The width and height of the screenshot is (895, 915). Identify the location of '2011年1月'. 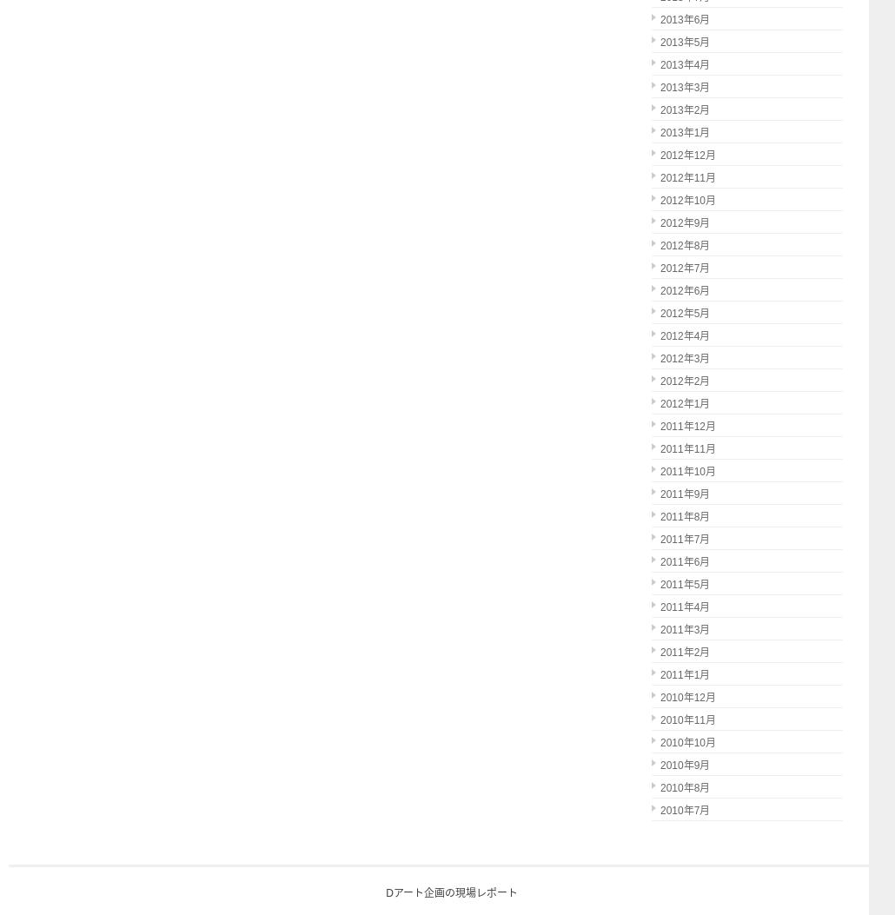
(684, 675).